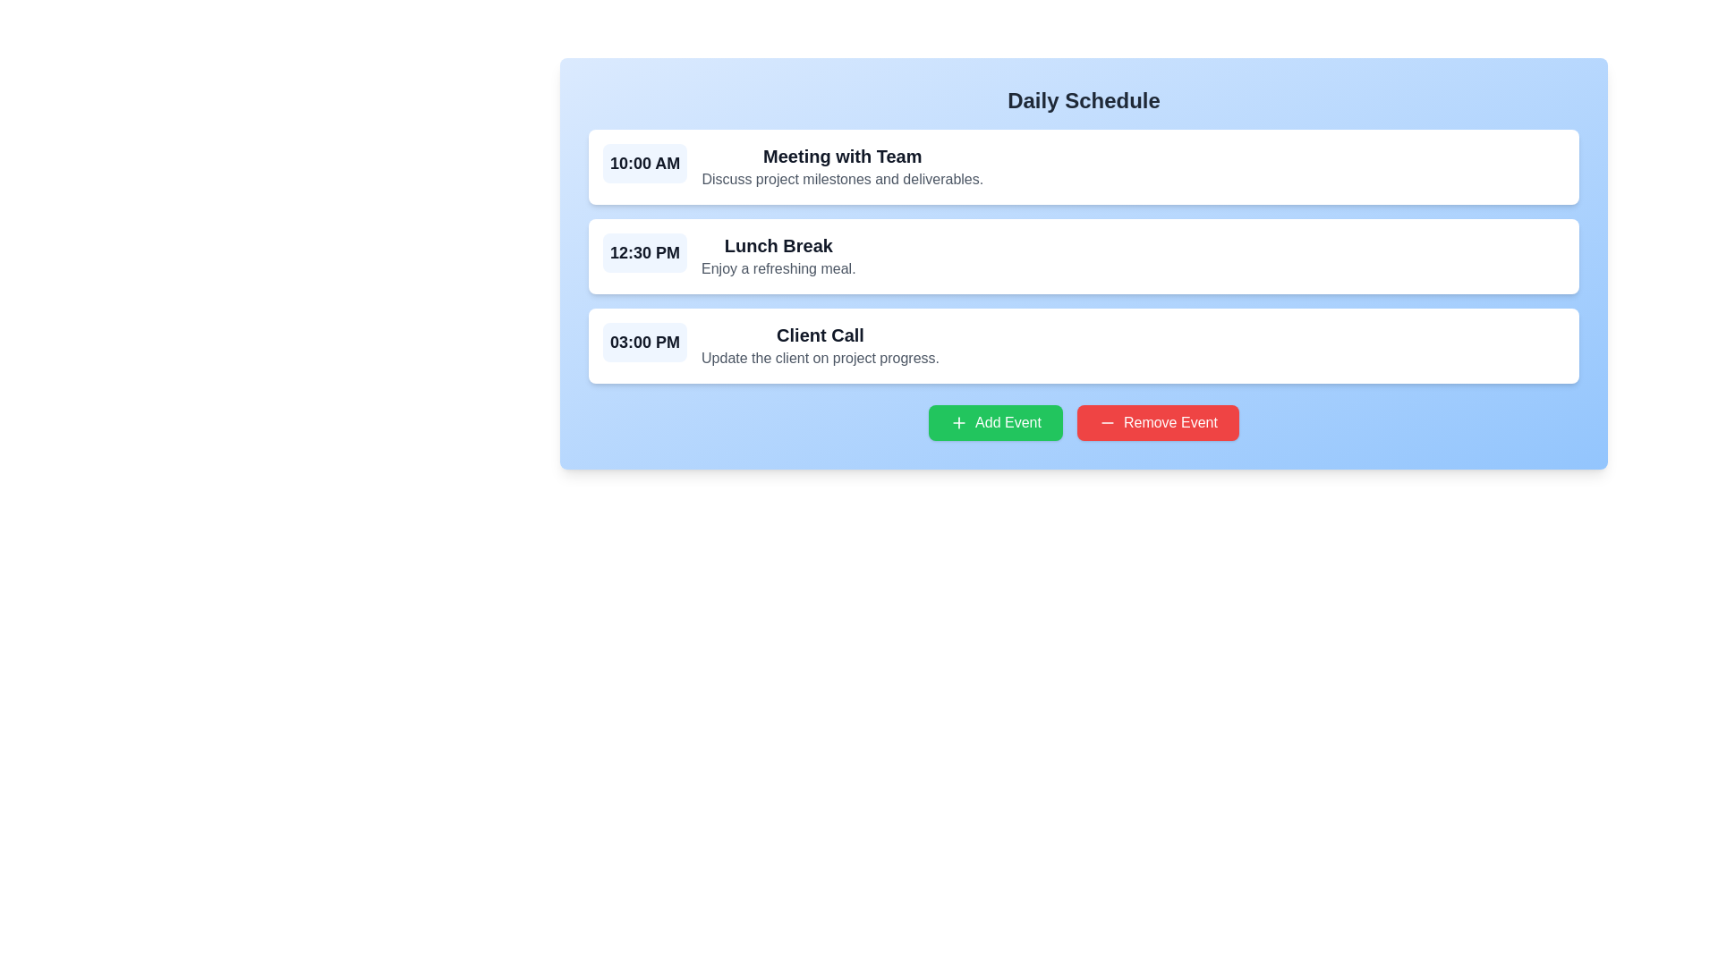 This screenshot has height=966, width=1718. What do you see at coordinates (644, 252) in the screenshot?
I see `the static text label displaying the time for the 'Lunch Break' event, which is positioned in the middle item of the scheduled events list` at bounding box center [644, 252].